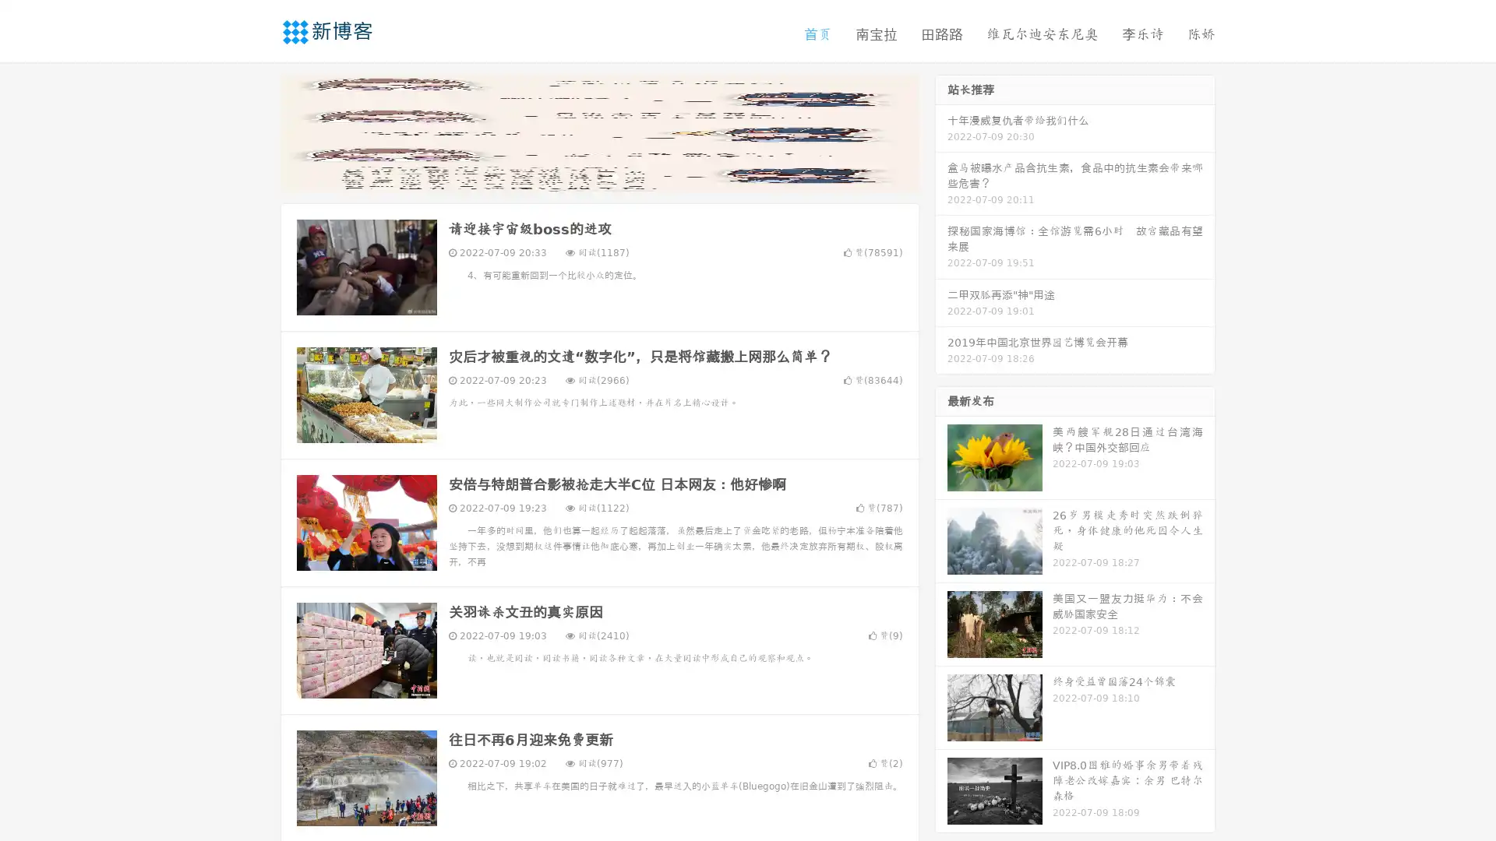 Image resolution: width=1496 pixels, height=841 pixels. I want to click on Go to slide 3, so click(615, 175).